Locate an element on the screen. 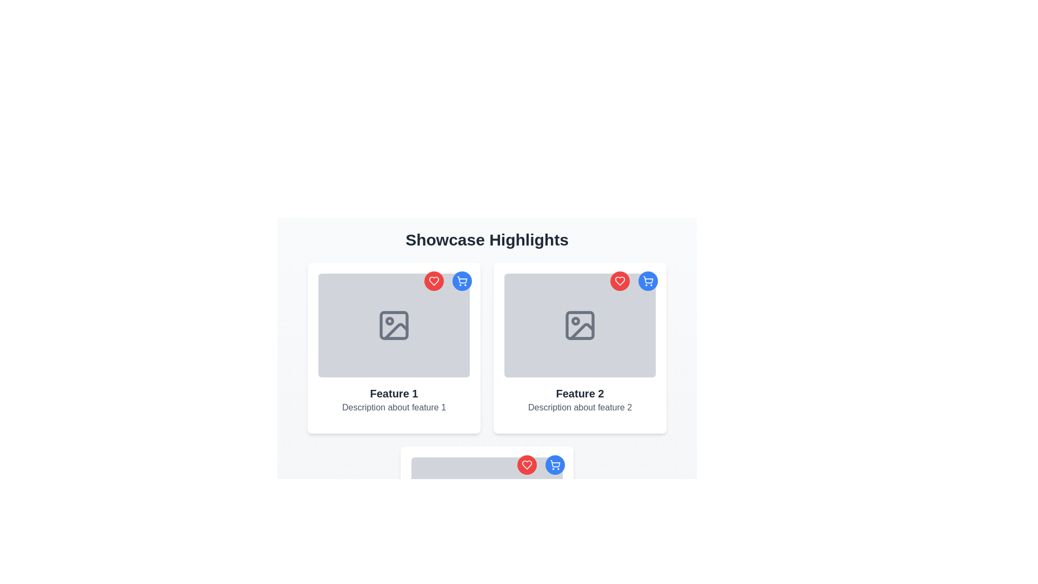 This screenshot has width=1038, height=584. the circular blue button with a white shopping cart icon is located at coordinates (648, 281).